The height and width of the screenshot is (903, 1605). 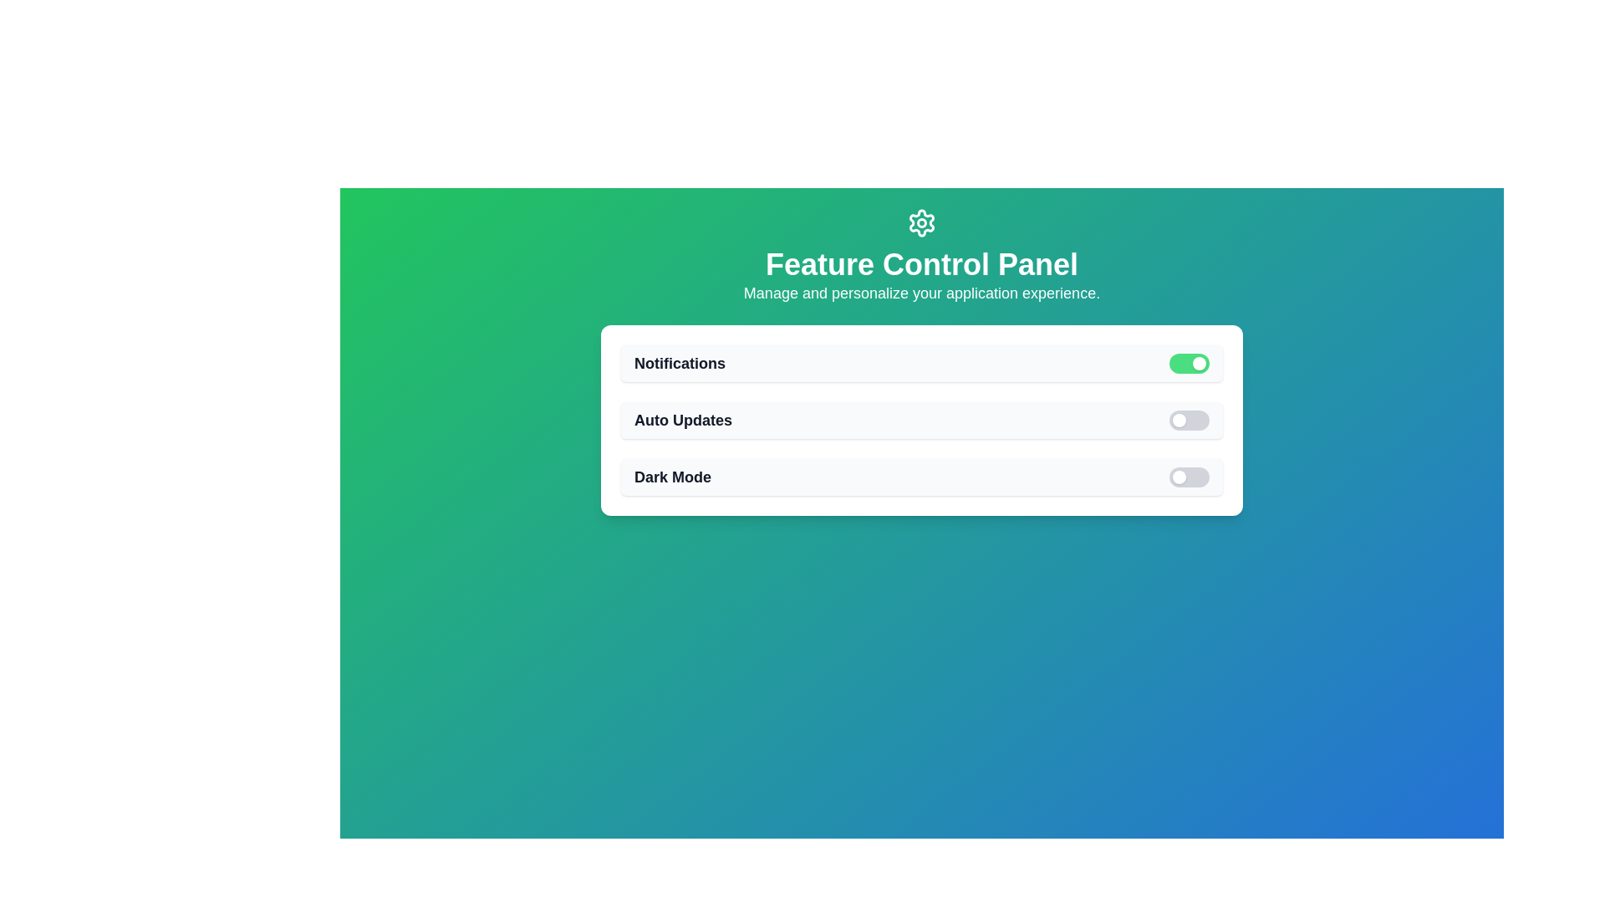 What do you see at coordinates (1179, 419) in the screenshot?
I see `the small circular toggle knob with a white fill and rounded edges, located in the leftmost area of the capsule-shaped toggle button for 'Auto Updates'` at bounding box center [1179, 419].